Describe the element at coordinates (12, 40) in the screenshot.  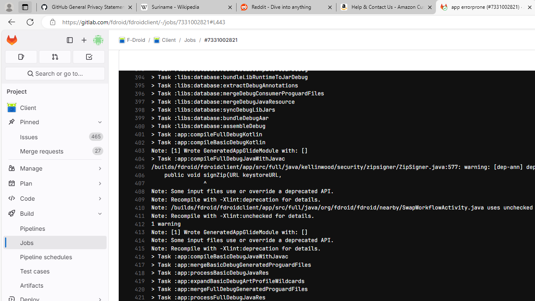
I see `'Homepage'` at that location.